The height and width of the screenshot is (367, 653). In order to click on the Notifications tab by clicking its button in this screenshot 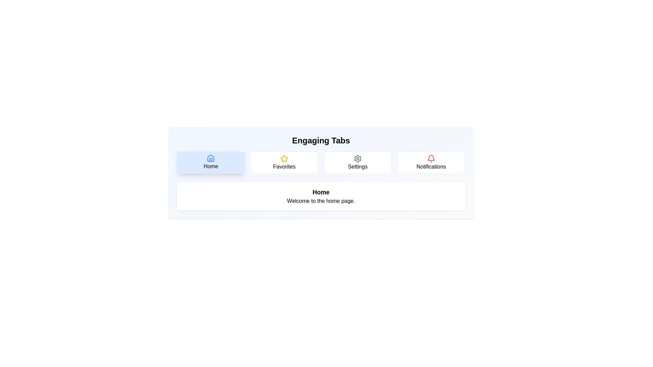, I will do `click(431, 162)`.